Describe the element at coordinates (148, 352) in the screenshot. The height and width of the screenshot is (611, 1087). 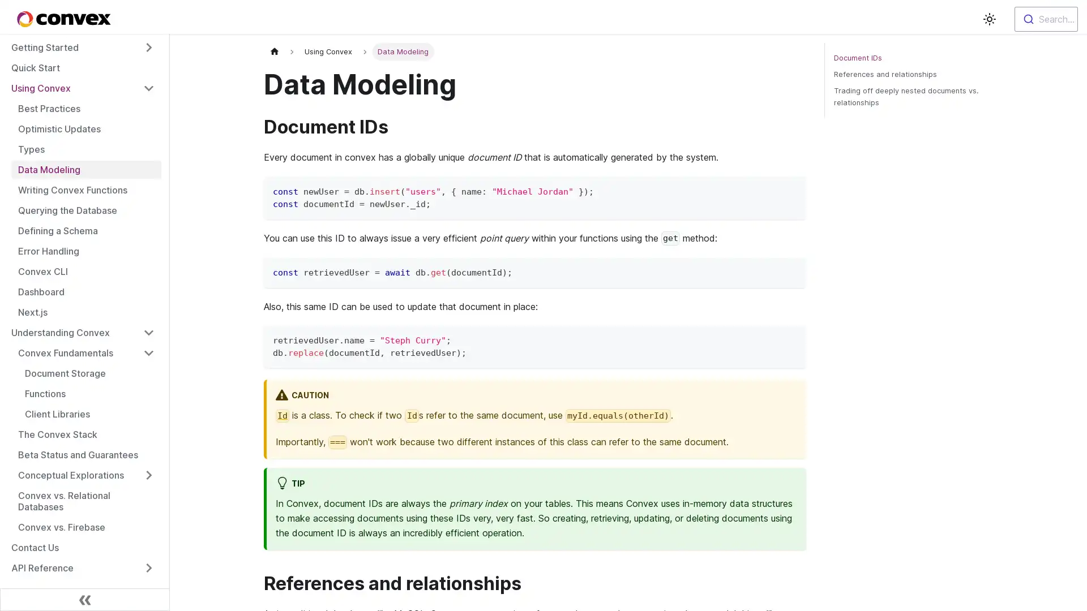
I see `Toggle the collapsible sidebar category 'Convex Fundamentals'` at that location.